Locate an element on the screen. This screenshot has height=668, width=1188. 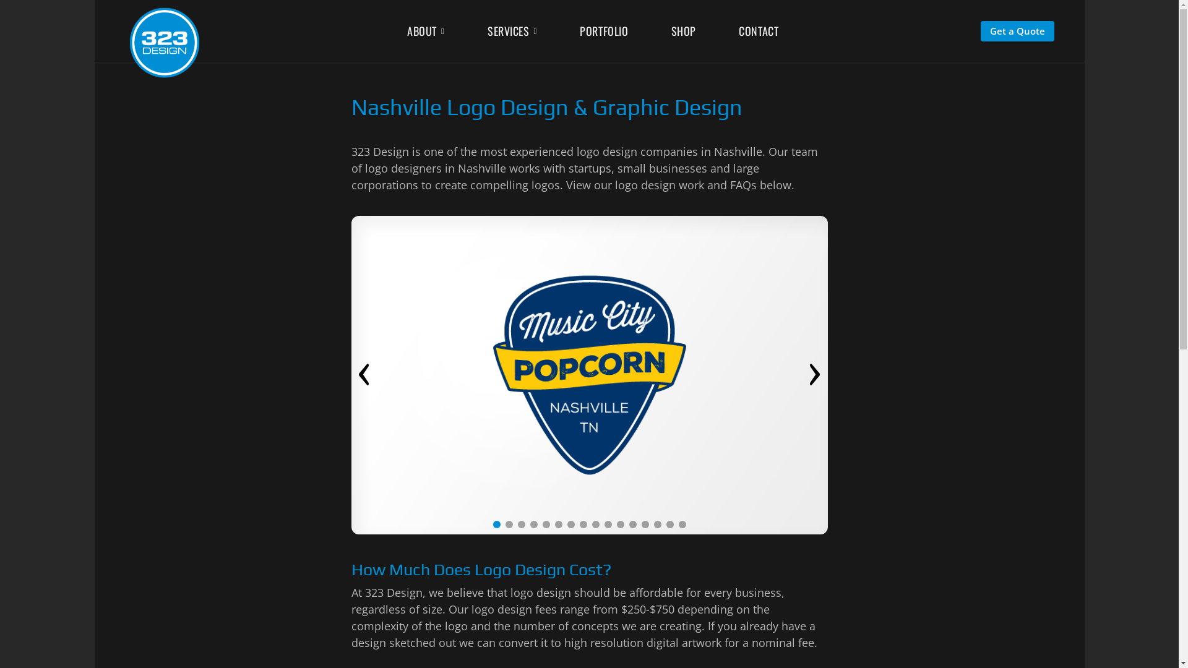
'15' is located at coordinates (668, 525).